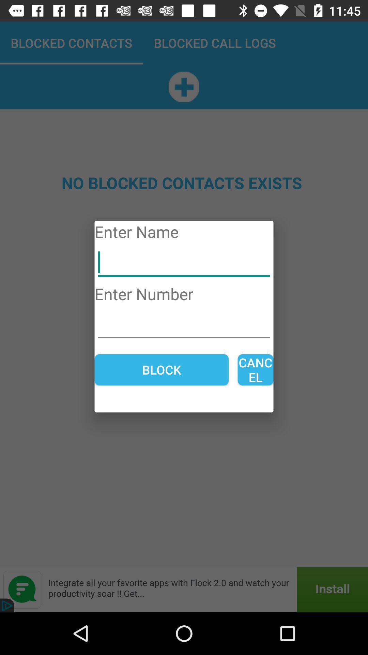  I want to click on button on the right, so click(255, 369).